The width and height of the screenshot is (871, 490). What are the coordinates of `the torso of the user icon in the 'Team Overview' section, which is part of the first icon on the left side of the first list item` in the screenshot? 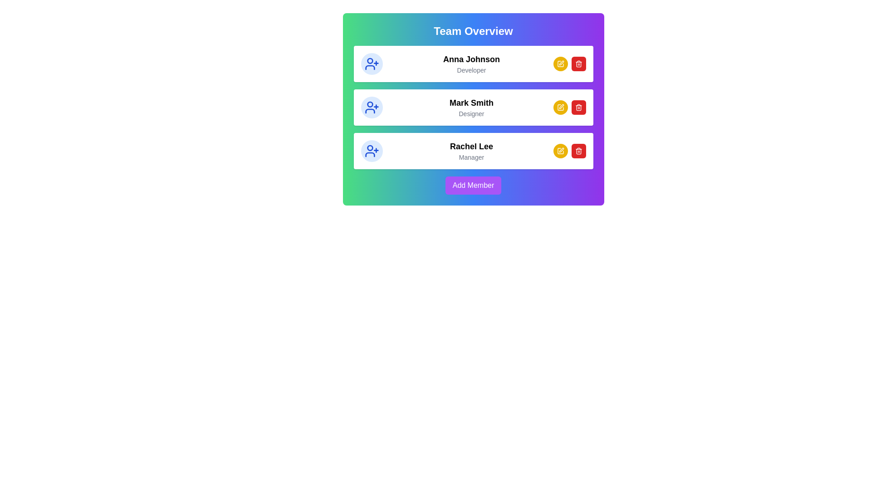 It's located at (370, 67).